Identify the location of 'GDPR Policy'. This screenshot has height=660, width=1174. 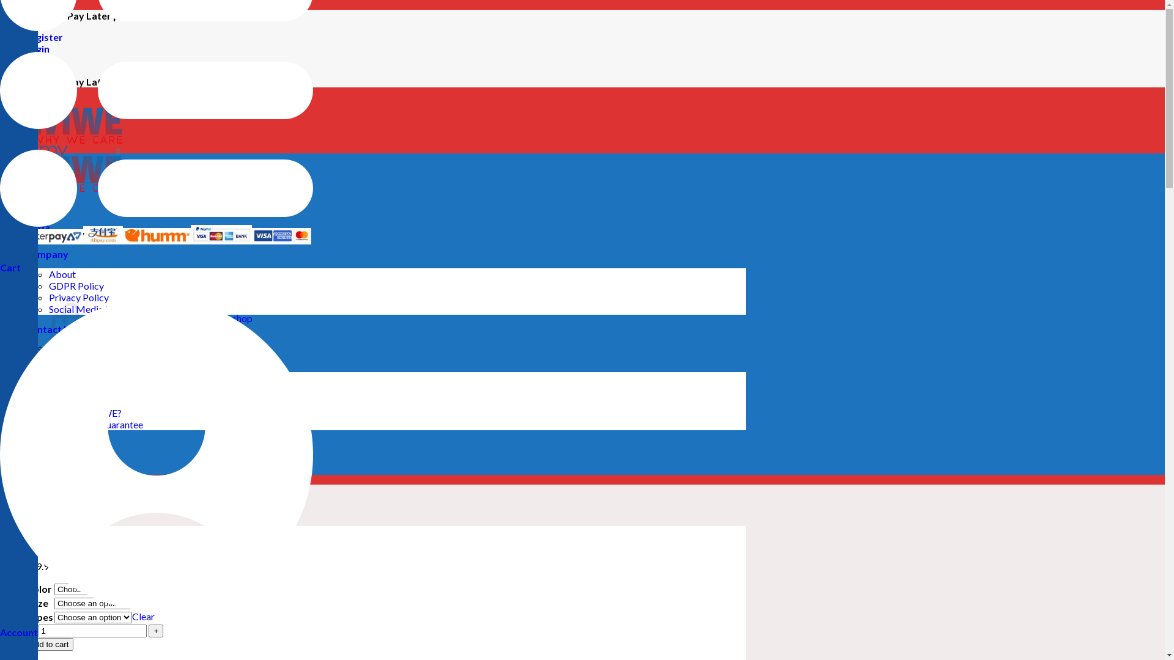
(75, 285).